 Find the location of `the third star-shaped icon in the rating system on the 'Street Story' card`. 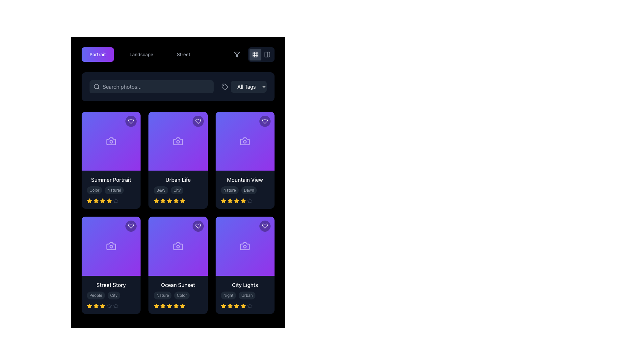

the third star-shaped icon in the rating system on the 'Street Story' card is located at coordinates (102, 306).